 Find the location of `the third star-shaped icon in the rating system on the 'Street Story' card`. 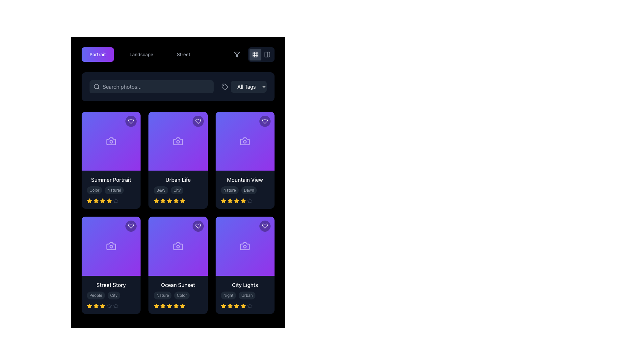

the third star-shaped icon in the rating system on the 'Street Story' card is located at coordinates (102, 306).